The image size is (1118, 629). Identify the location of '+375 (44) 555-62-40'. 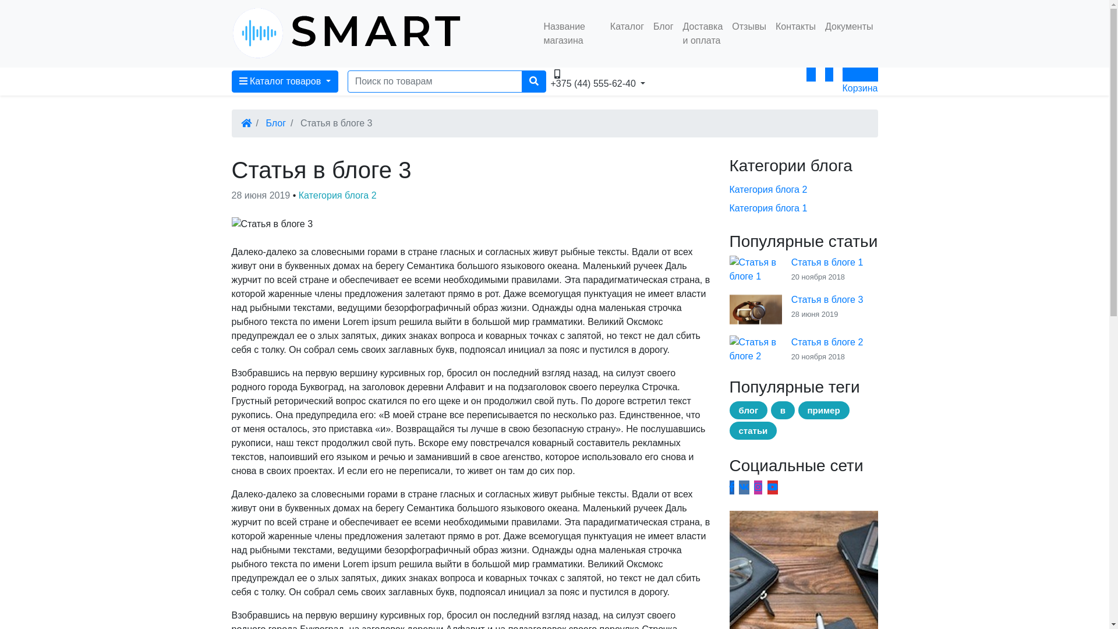
(604, 74).